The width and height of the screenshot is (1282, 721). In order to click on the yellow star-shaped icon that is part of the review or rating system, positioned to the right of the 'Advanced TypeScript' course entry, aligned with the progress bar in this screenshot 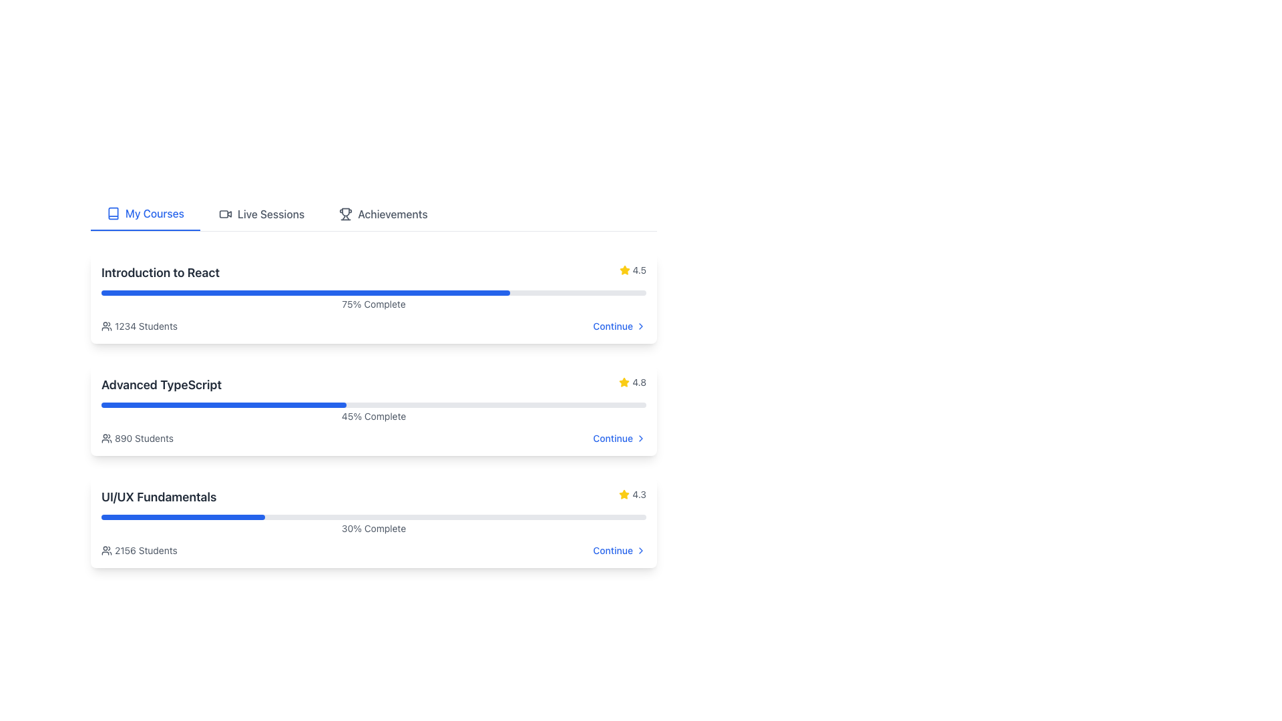, I will do `click(624, 270)`.